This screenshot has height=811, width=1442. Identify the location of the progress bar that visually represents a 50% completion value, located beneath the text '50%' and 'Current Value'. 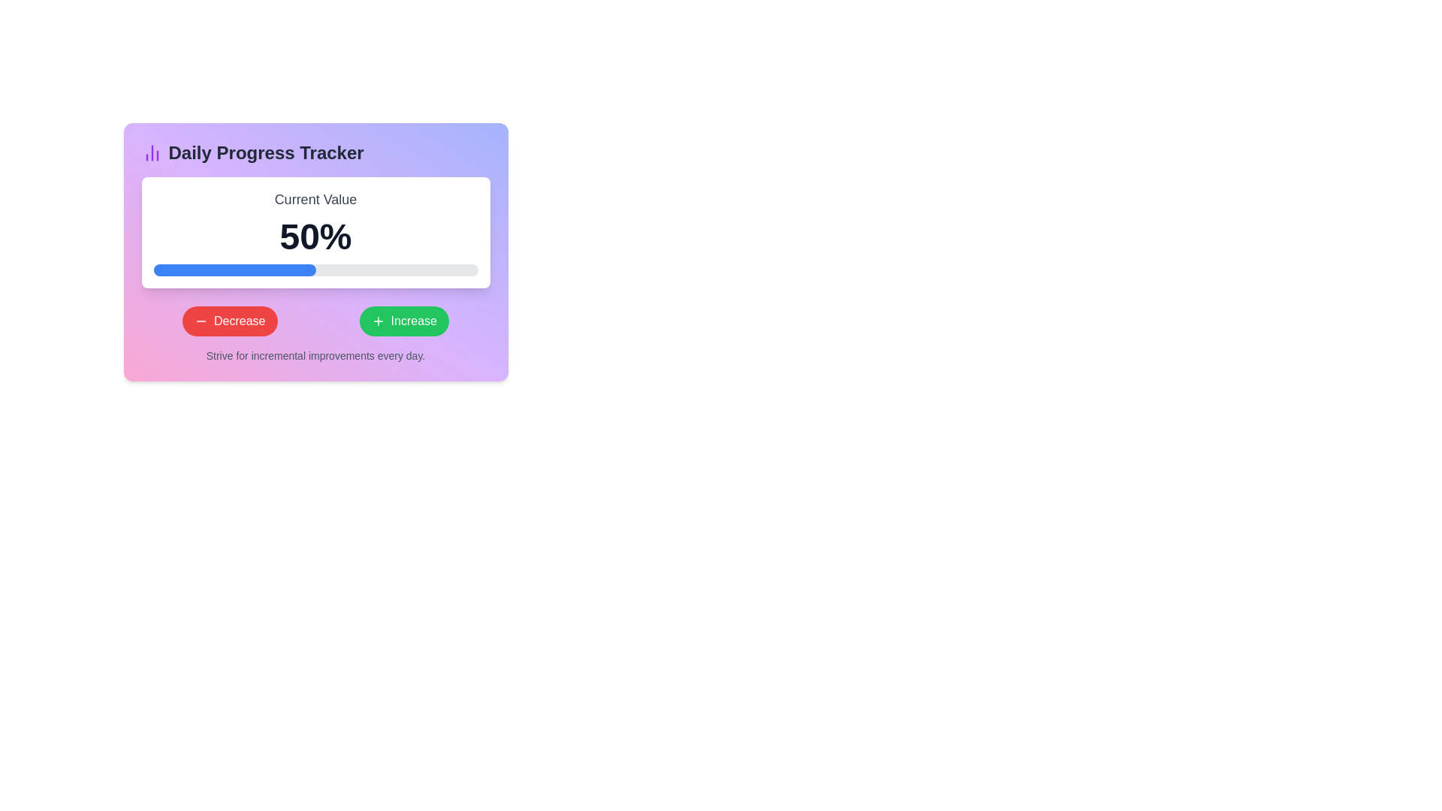
(315, 269).